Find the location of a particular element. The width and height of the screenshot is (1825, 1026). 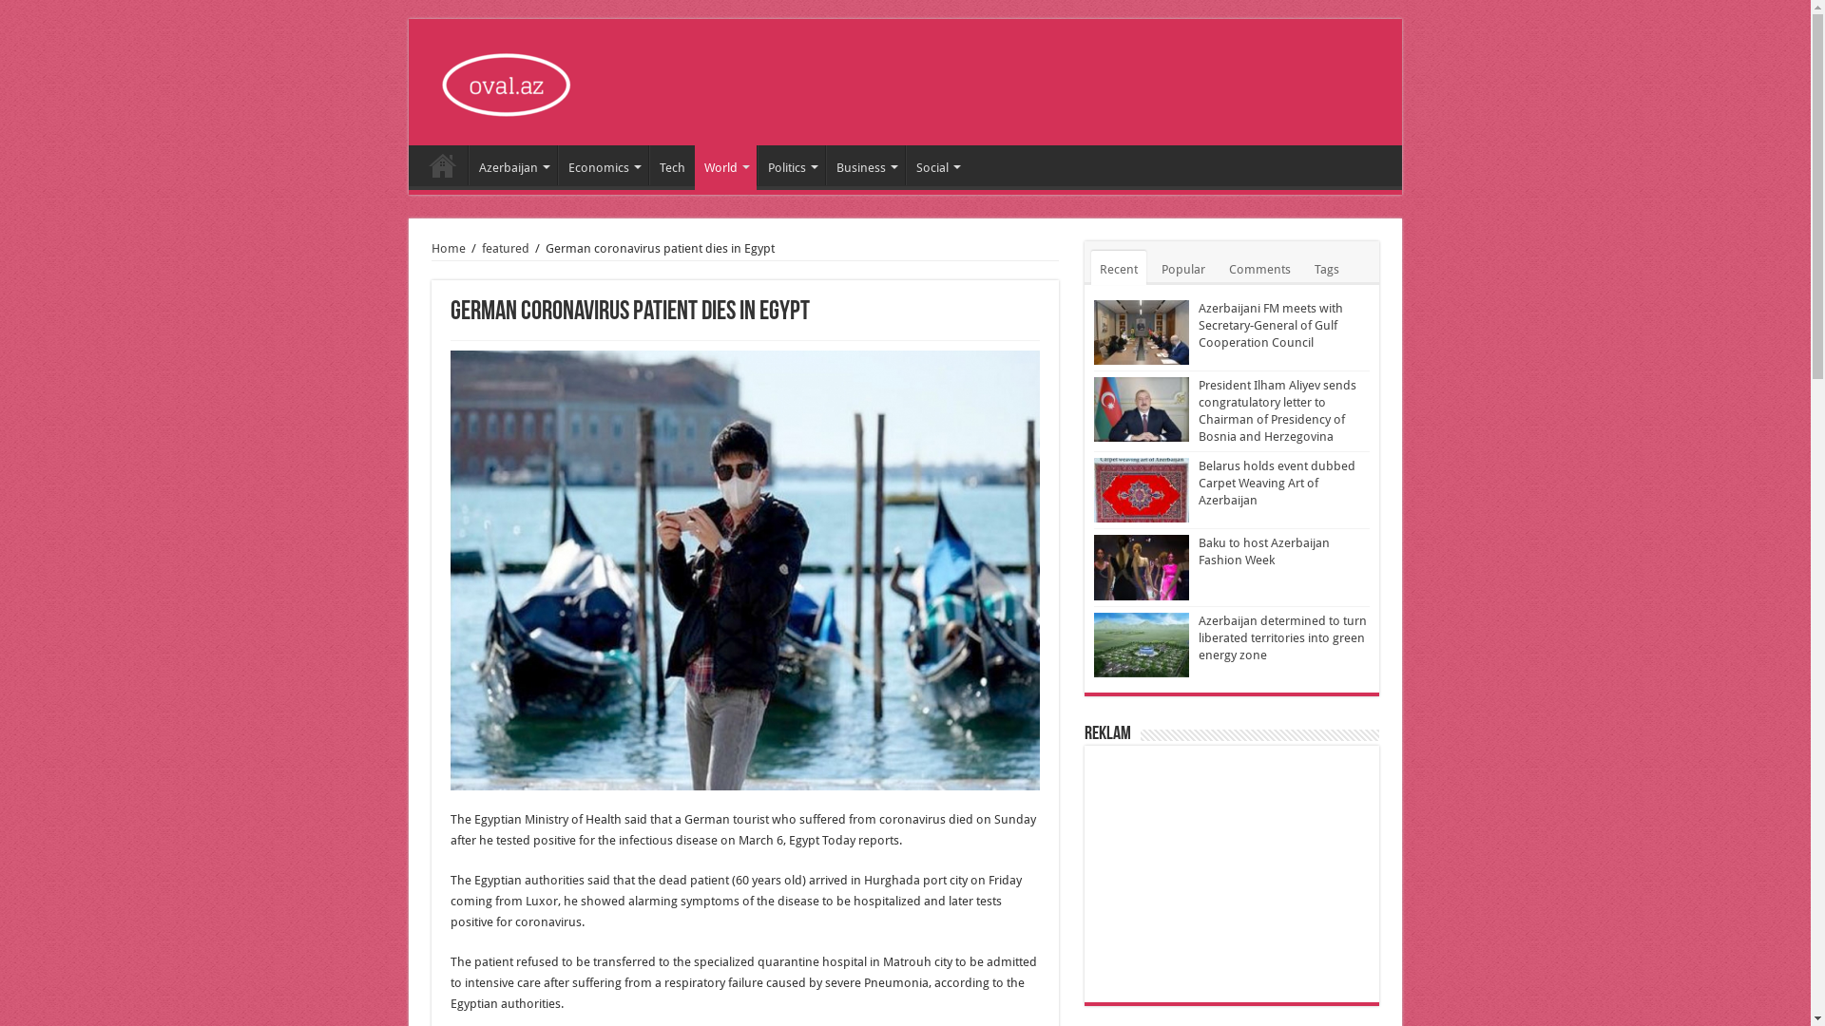

'Recent' is located at coordinates (1118, 267).